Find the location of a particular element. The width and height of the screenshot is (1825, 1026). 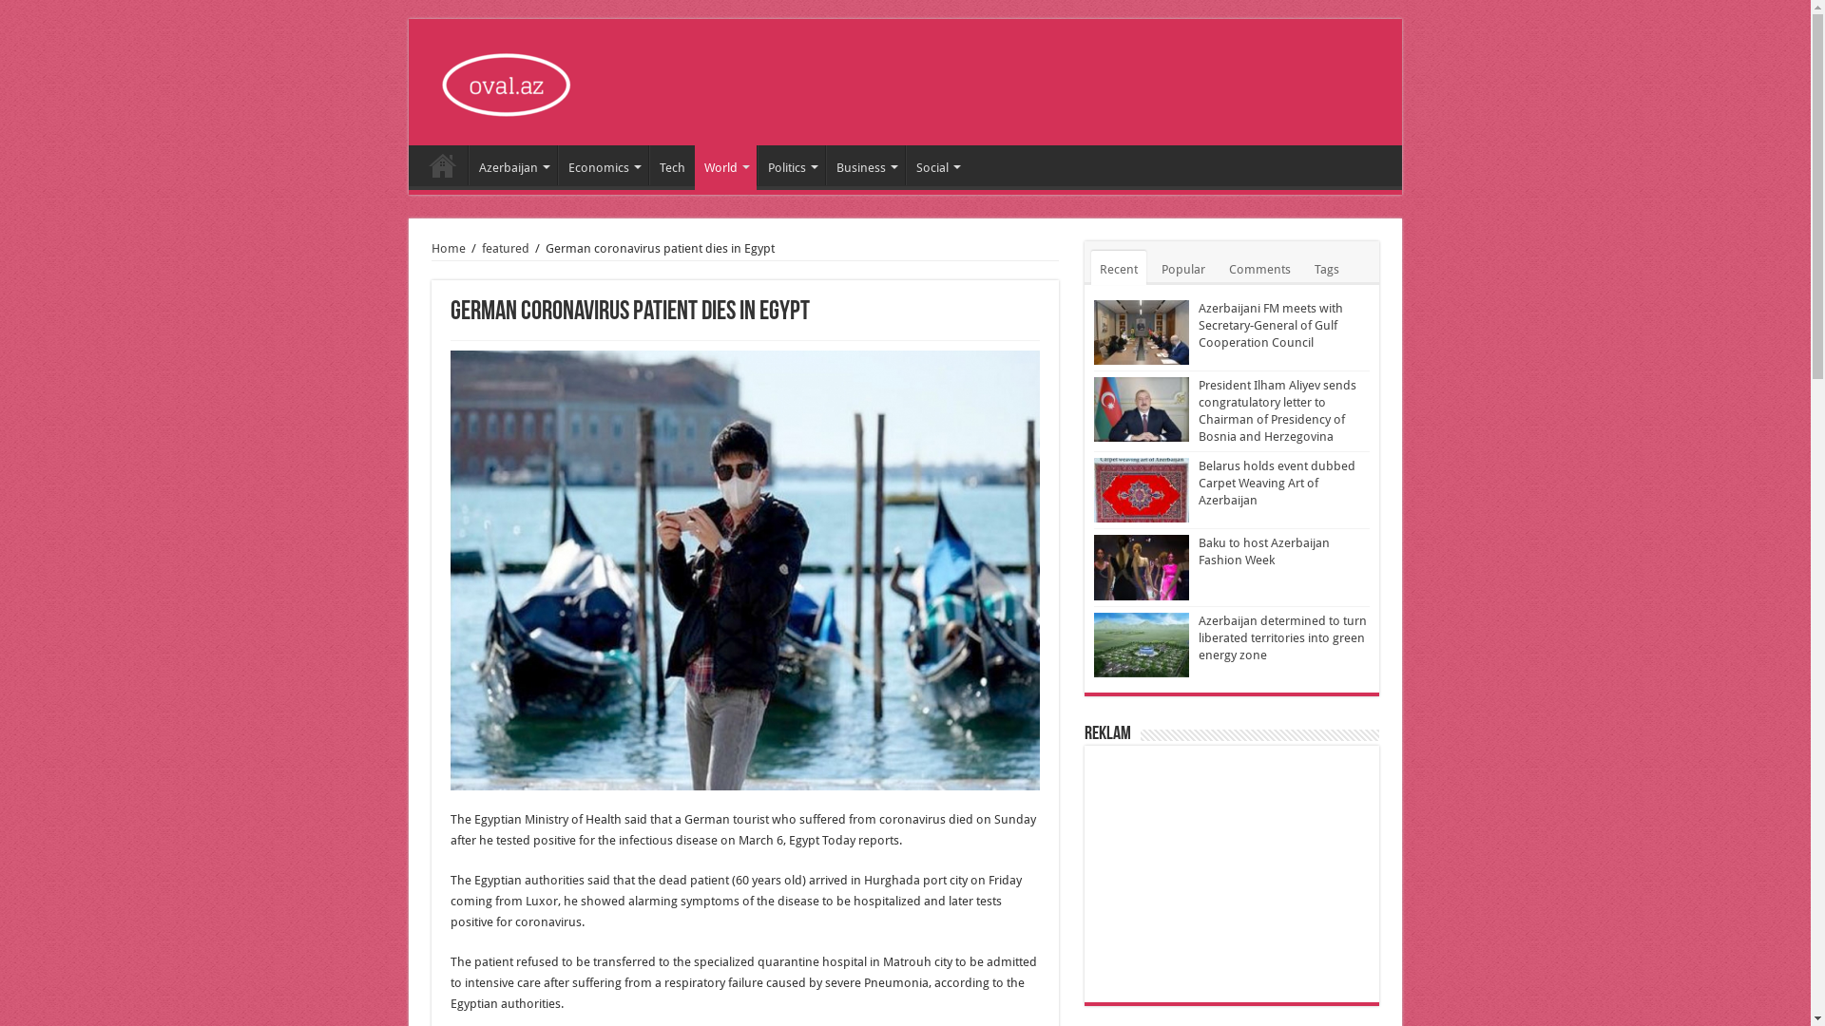

'Recent' is located at coordinates (1118, 267).